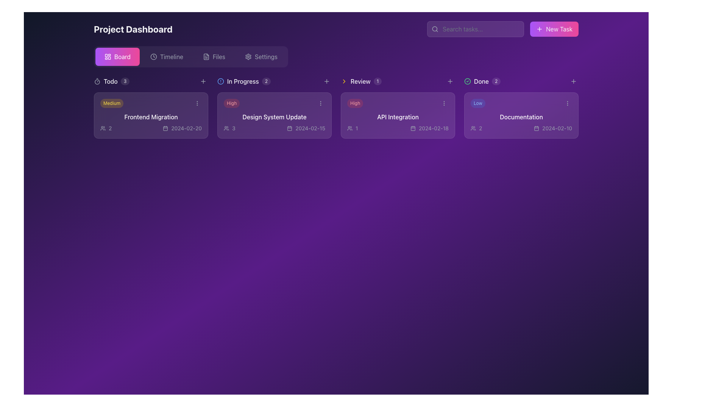 The width and height of the screenshot is (727, 409). I want to click on the plus sign icon button located on the upper-right side of the interface, adjacent to the 'Done' section heading, so click(450, 81).